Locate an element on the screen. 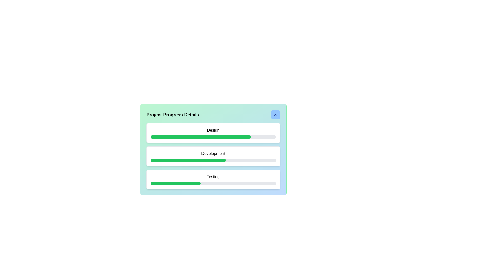 The width and height of the screenshot is (486, 273). the first horizontal progress bar in the 'Design' section of the 'Project Progress Details' panel, which is 80% filled with green and has rounded edges is located at coordinates (213, 137).